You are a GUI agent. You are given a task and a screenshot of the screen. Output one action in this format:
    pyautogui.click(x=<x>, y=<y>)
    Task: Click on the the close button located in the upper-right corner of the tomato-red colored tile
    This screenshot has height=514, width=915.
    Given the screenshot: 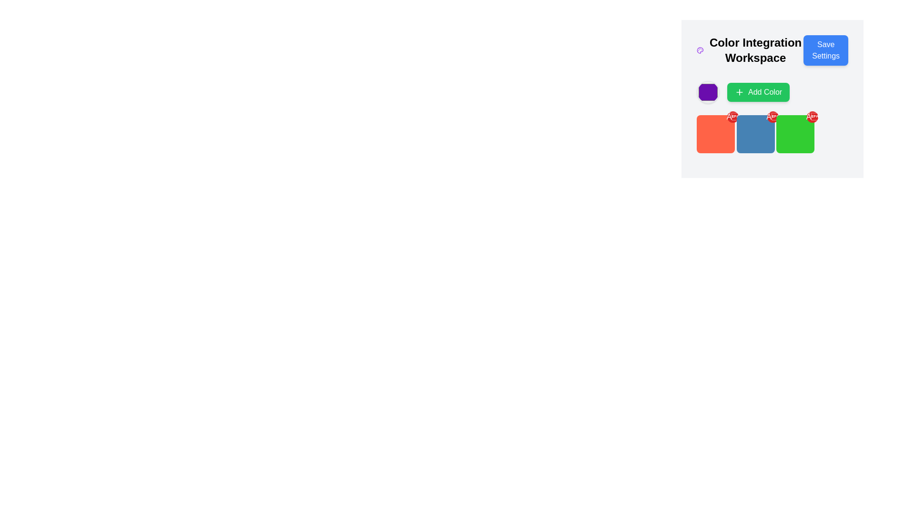 What is the action you would take?
    pyautogui.click(x=732, y=117)
    